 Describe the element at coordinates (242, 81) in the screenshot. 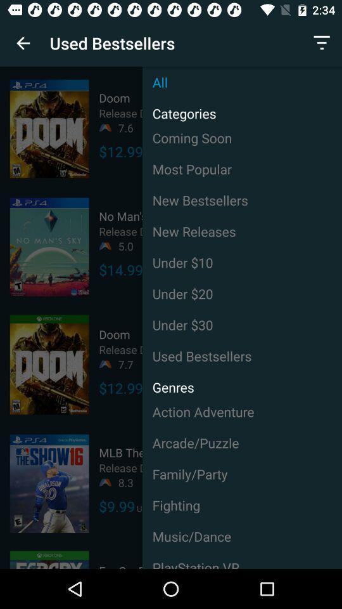

I see `all icon` at that location.